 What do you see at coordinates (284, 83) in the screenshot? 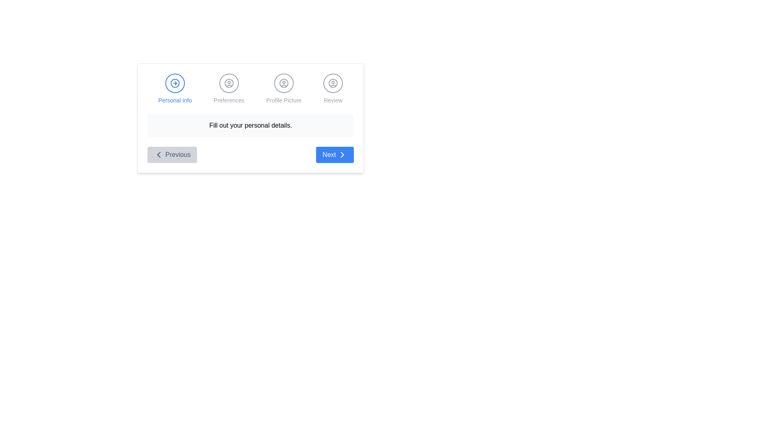
I see `the 'Profile Picture' icon located in the third circle of the navigation bar` at bounding box center [284, 83].